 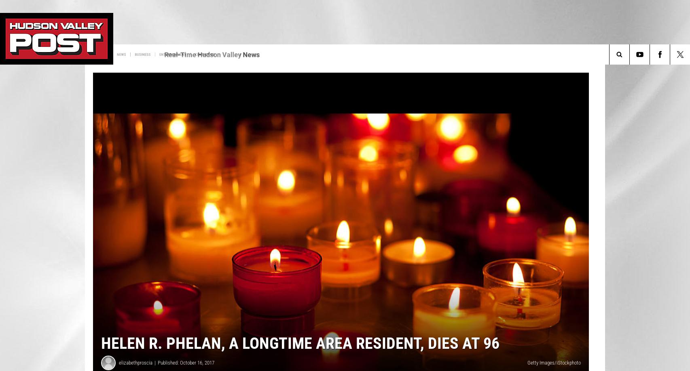 What do you see at coordinates (147, 54) in the screenshot?
I see `'Mobile App'` at bounding box center [147, 54].